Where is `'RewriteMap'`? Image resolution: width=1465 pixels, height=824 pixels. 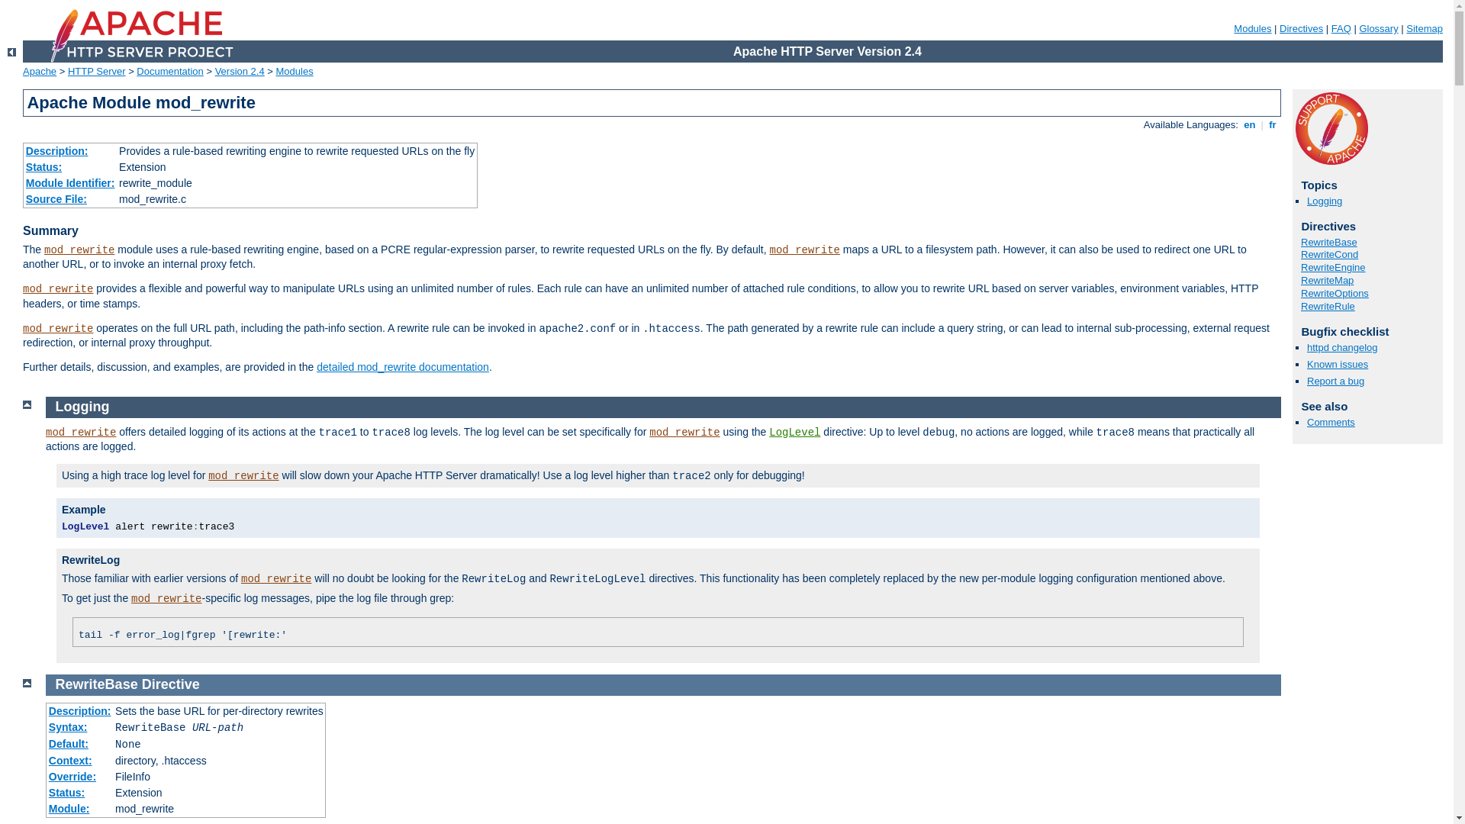 'RewriteMap' is located at coordinates (1326, 280).